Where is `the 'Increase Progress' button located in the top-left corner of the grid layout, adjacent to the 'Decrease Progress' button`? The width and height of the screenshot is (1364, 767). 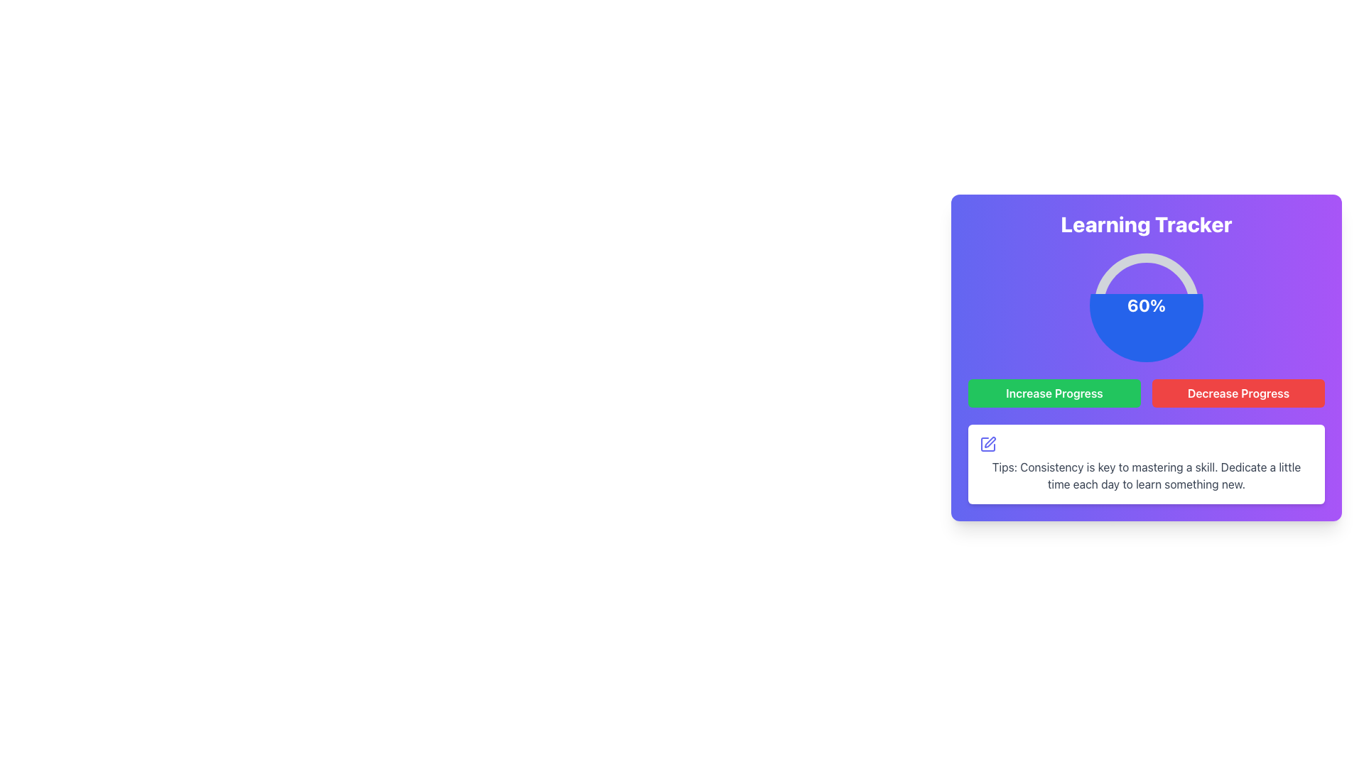
the 'Increase Progress' button located in the top-left corner of the grid layout, adjacent to the 'Decrease Progress' button is located at coordinates (1054, 393).